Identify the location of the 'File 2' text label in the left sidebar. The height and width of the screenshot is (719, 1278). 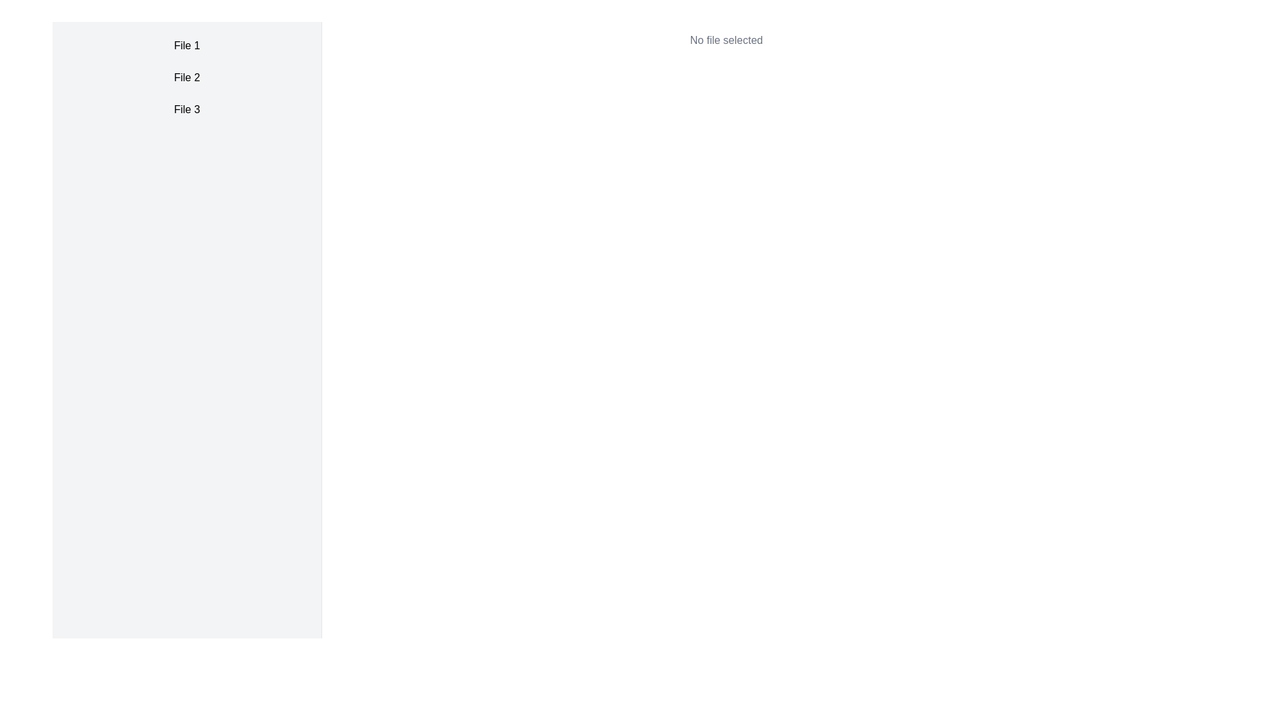
(186, 77).